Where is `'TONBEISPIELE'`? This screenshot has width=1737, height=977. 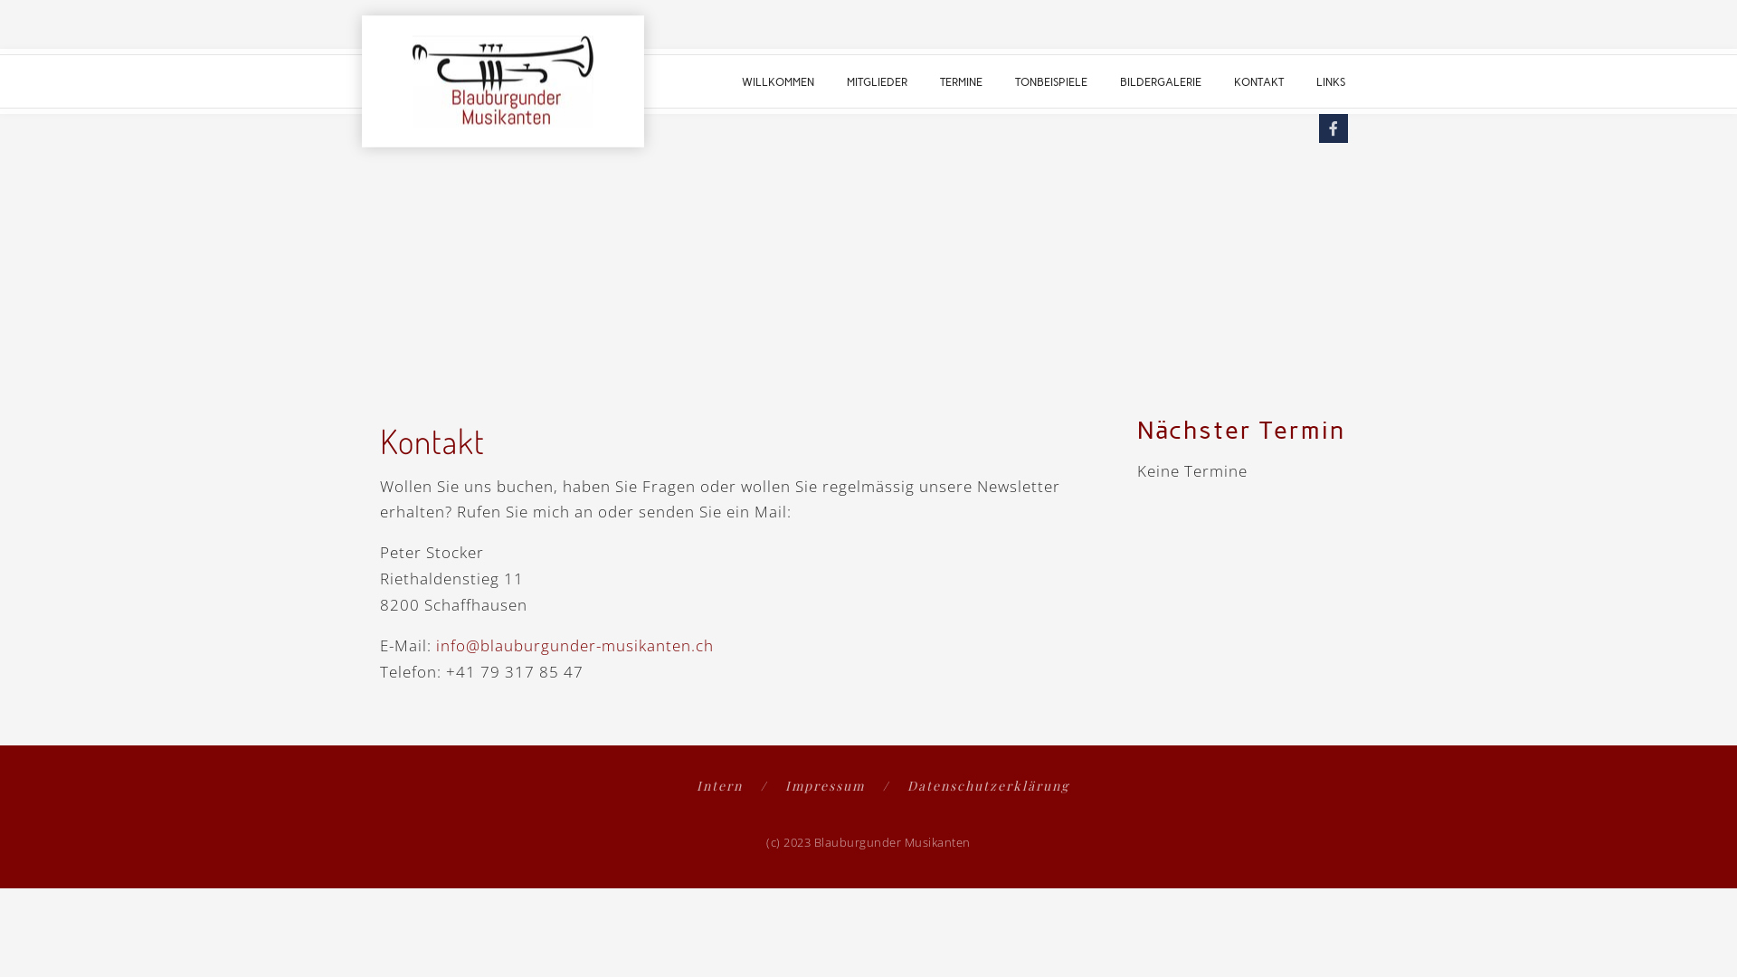
'TONBEISPIELE' is located at coordinates (1050, 80).